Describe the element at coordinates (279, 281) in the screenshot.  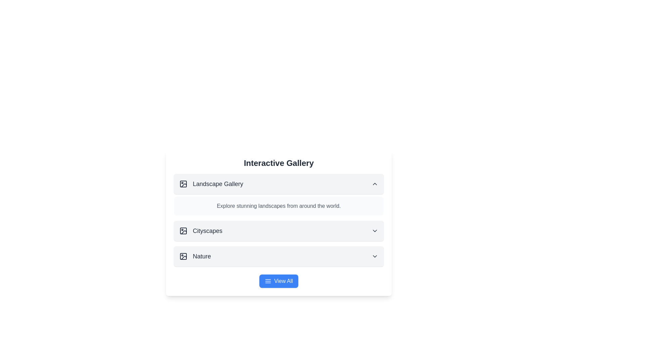
I see `the 'View All' button with a blue background and white text, located below the 'Landscape Gallery', 'Cityscapes', and 'Nature' sections` at that location.